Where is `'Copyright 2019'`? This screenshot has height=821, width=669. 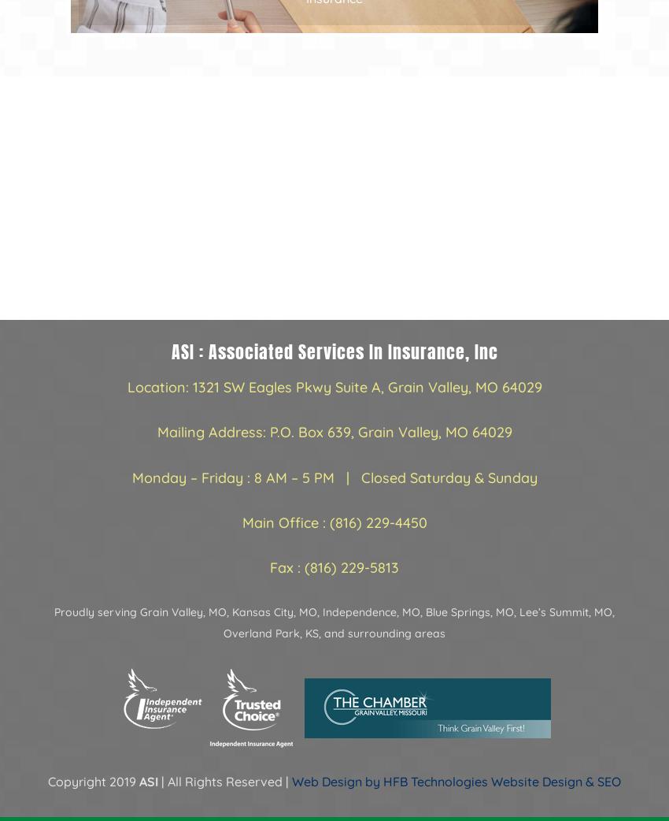
'Copyright 2019' is located at coordinates (93, 781).